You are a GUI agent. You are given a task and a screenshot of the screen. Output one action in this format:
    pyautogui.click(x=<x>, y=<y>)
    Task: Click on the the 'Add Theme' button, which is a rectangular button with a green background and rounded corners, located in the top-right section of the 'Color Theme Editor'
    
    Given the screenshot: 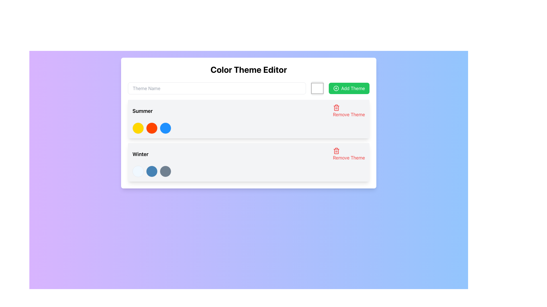 What is the action you would take?
    pyautogui.click(x=349, y=88)
    